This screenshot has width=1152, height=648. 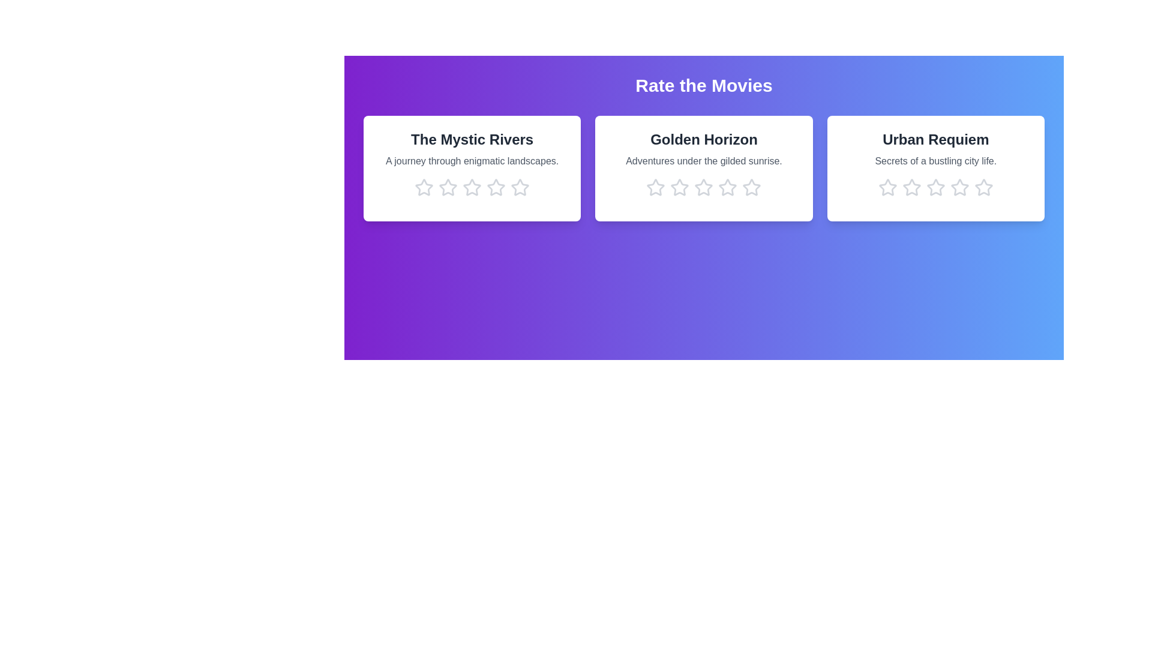 What do you see at coordinates (424, 187) in the screenshot?
I see `the star corresponding to 1 stars in the movie card titled 'The Mystic Rivers'` at bounding box center [424, 187].